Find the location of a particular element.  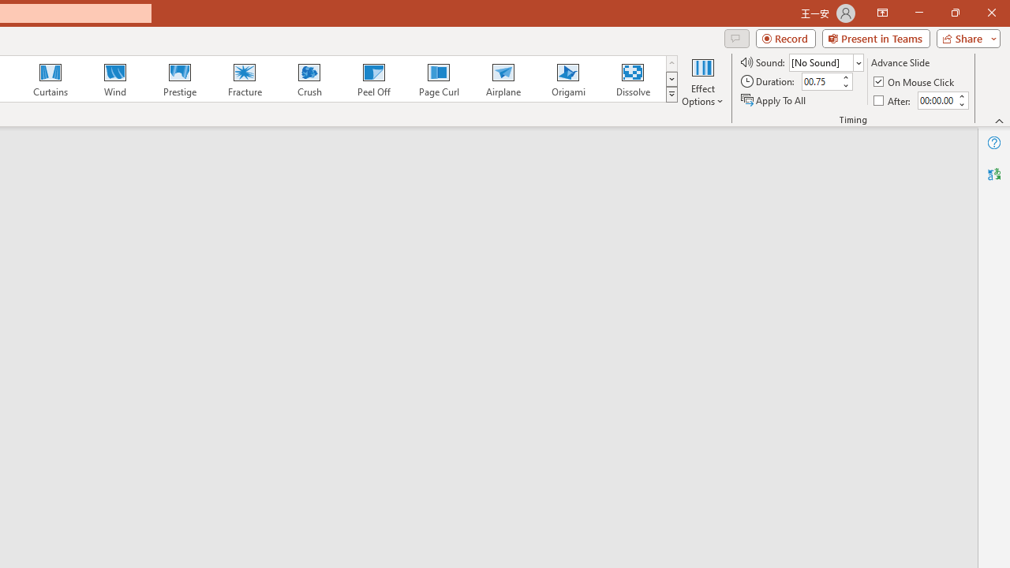

'Origami' is located at coordinates (568, 79).